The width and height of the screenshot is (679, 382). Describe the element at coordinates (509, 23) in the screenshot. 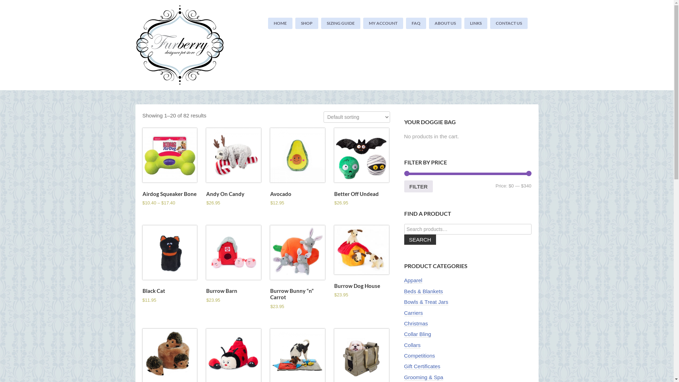

I see `'CONTACT US'` at that location.